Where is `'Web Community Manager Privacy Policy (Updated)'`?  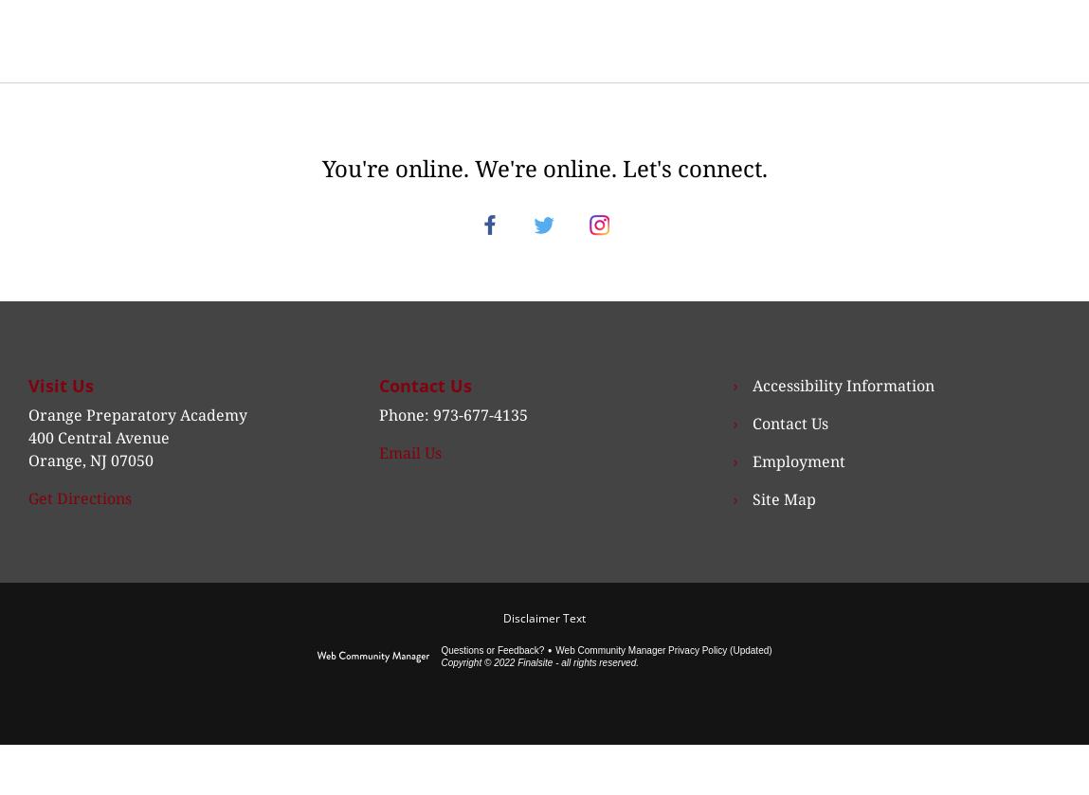 'Web Community Manager Privacy Policy (Updated)' is located at coordinates (554, 671).